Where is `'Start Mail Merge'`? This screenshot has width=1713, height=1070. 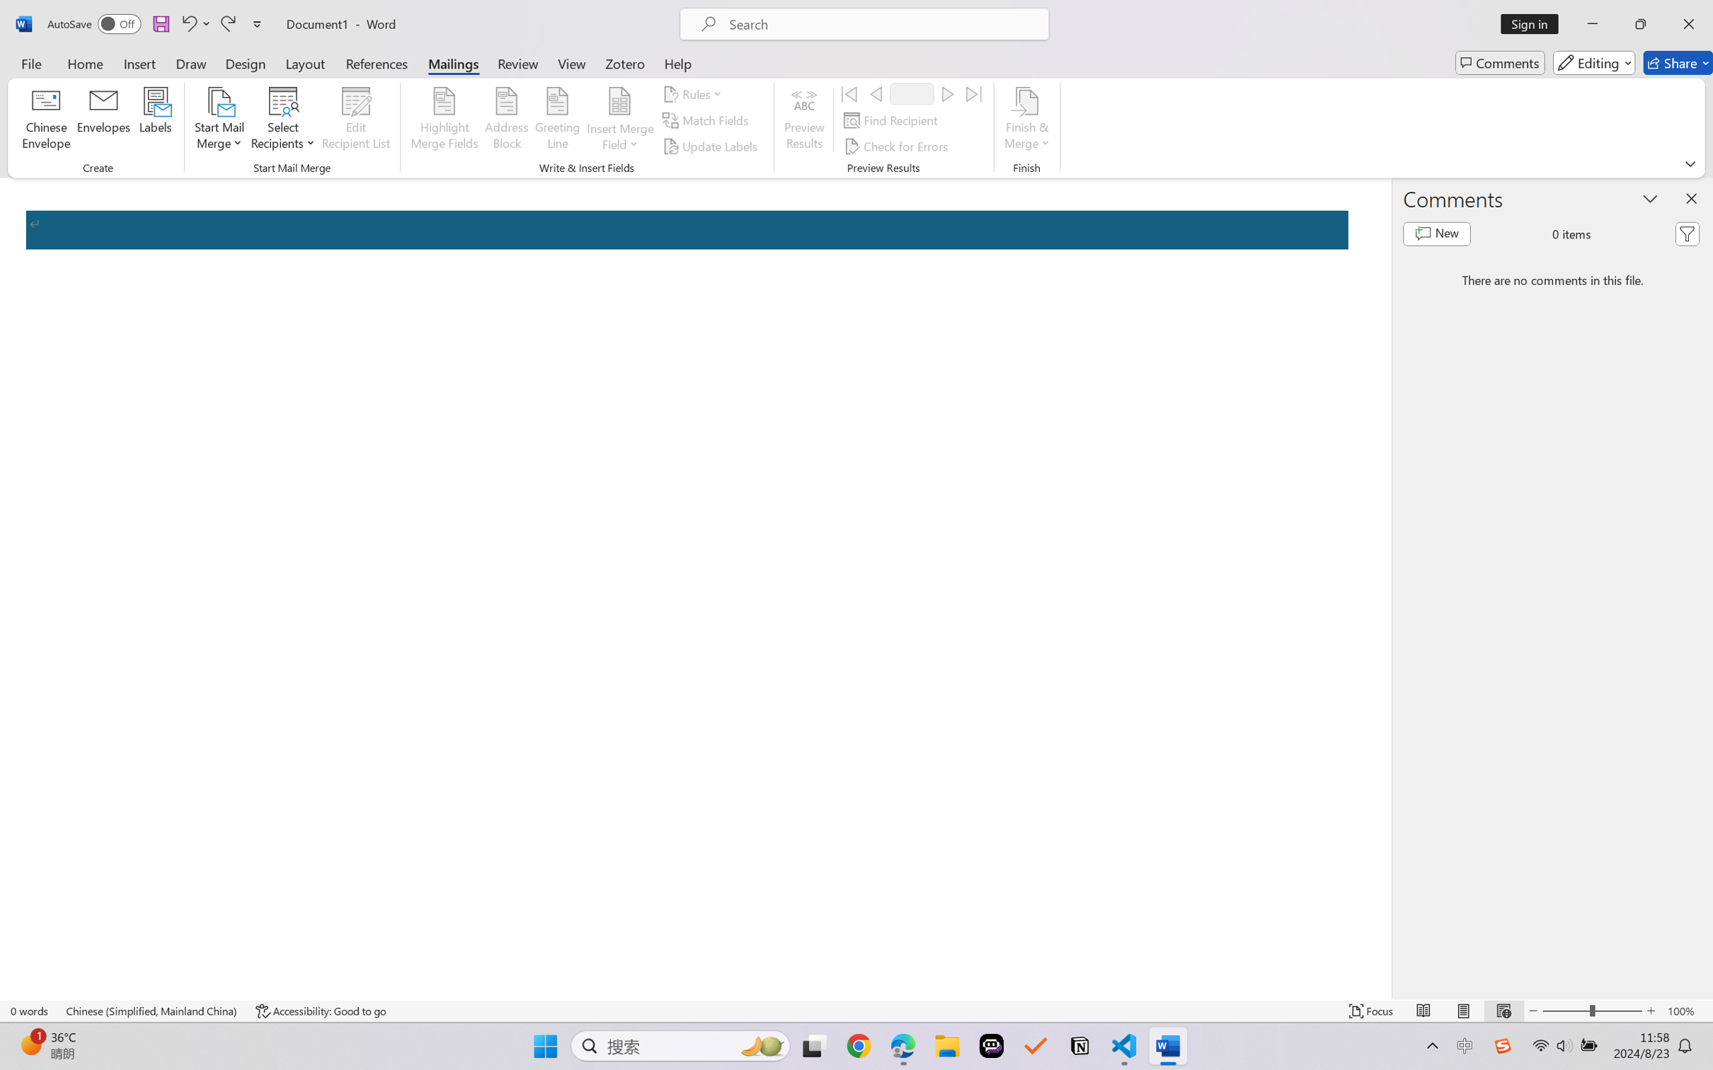
'Start Mail Merge' is located at coordinates (218, 120).